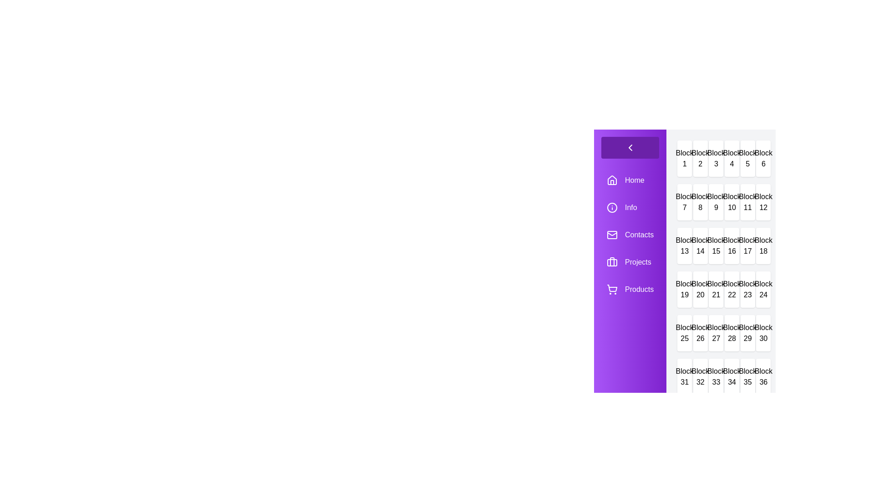 The height and width of the screenshot is (491, 874). Describe the element at coordinates (629, 234) in the screenshot. I see `the menu item labeled Contacts to navigate` at that location.